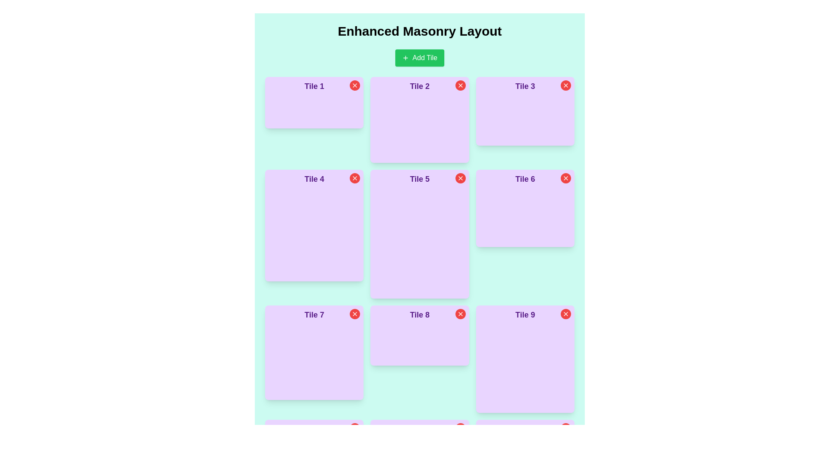  Describe the element at coordinates (355, 178) in the screenshot. I see `the red circular close button with a white '×' symbol located in the top-right corner of 'Tile 5'` at that location.